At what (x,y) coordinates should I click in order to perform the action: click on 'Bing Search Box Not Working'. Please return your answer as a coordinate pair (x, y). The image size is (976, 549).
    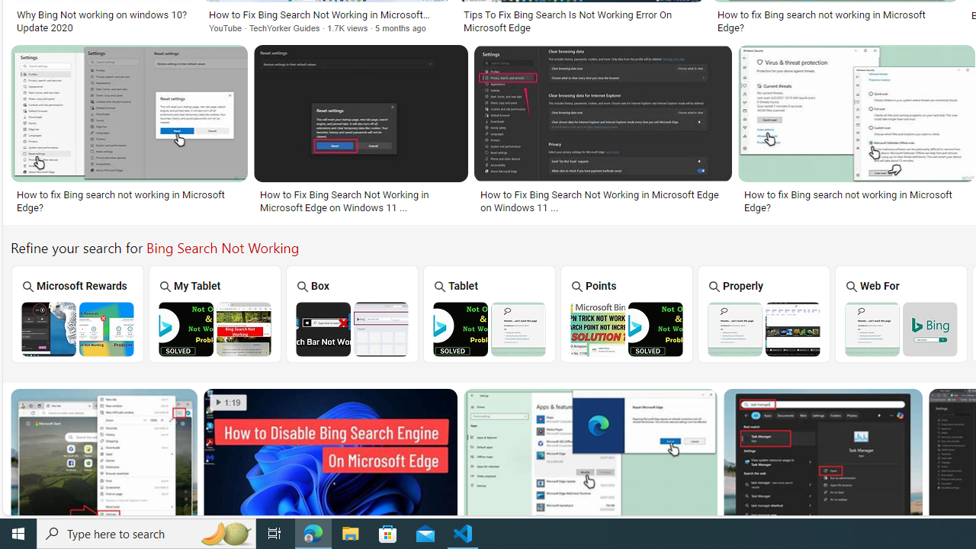
    Looking at the image, I should click on (352, 328).